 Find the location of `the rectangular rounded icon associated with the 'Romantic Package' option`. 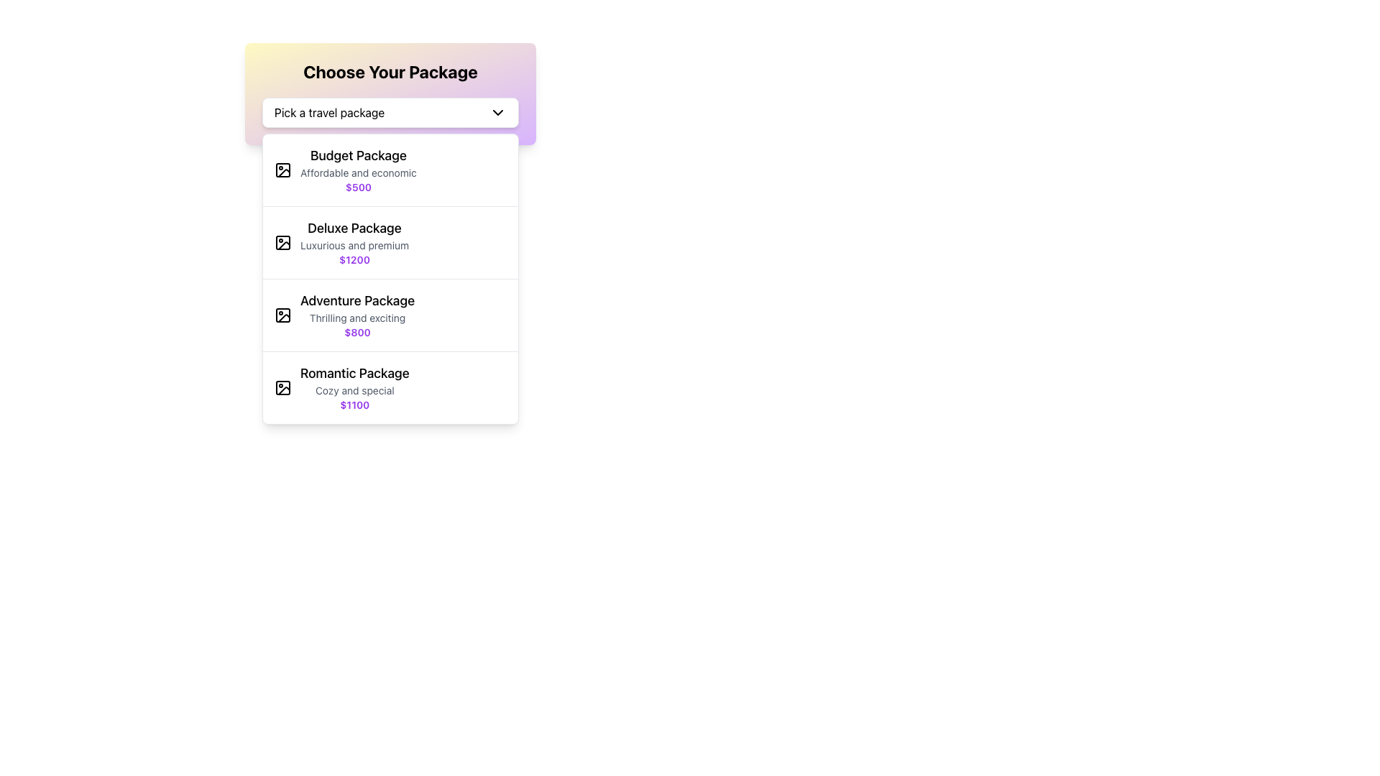

the rectangular rounded icon associated with the 'Romantic Package' option is located at coordinates (282, 388).